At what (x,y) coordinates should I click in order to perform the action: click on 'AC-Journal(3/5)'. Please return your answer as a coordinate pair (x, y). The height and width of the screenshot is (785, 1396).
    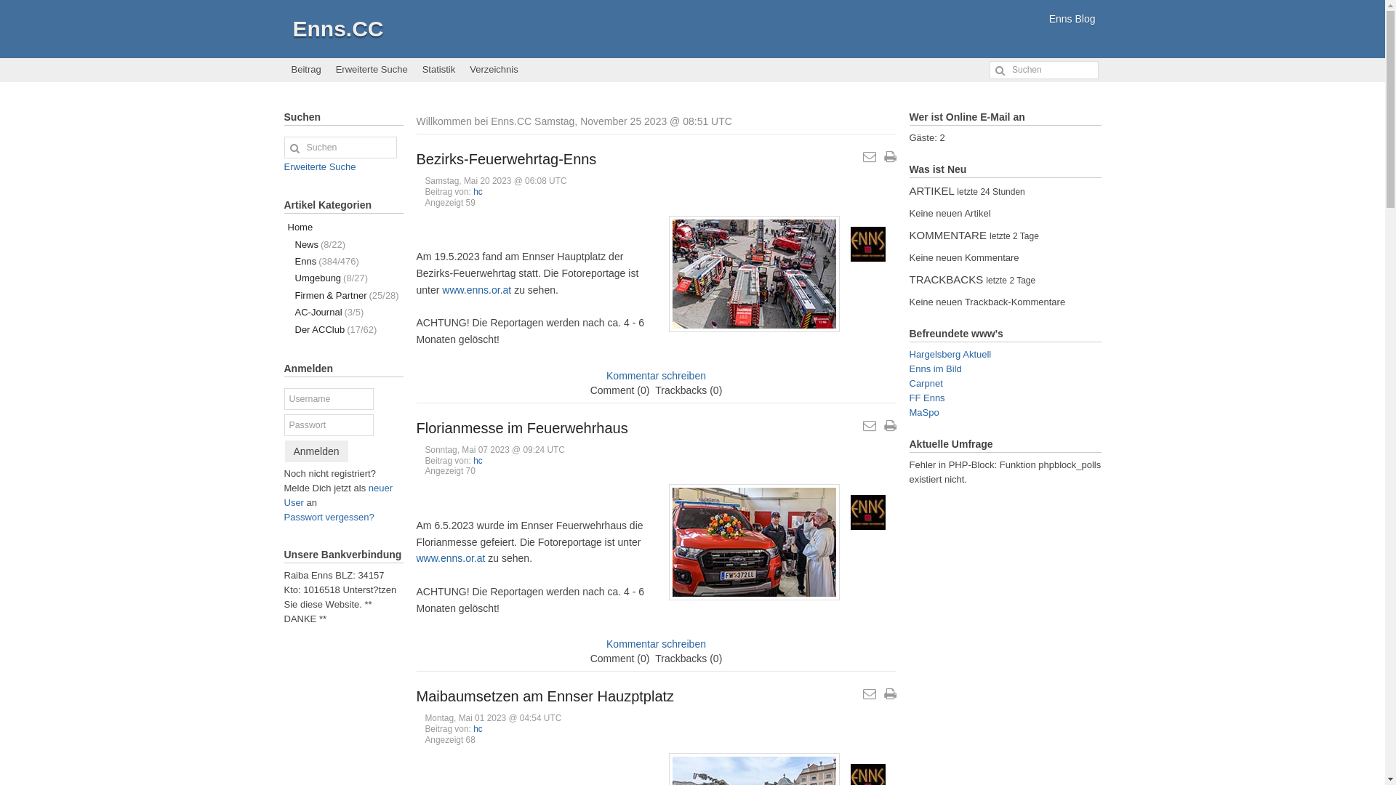
    Looking at the image, I should click on (342, 311).